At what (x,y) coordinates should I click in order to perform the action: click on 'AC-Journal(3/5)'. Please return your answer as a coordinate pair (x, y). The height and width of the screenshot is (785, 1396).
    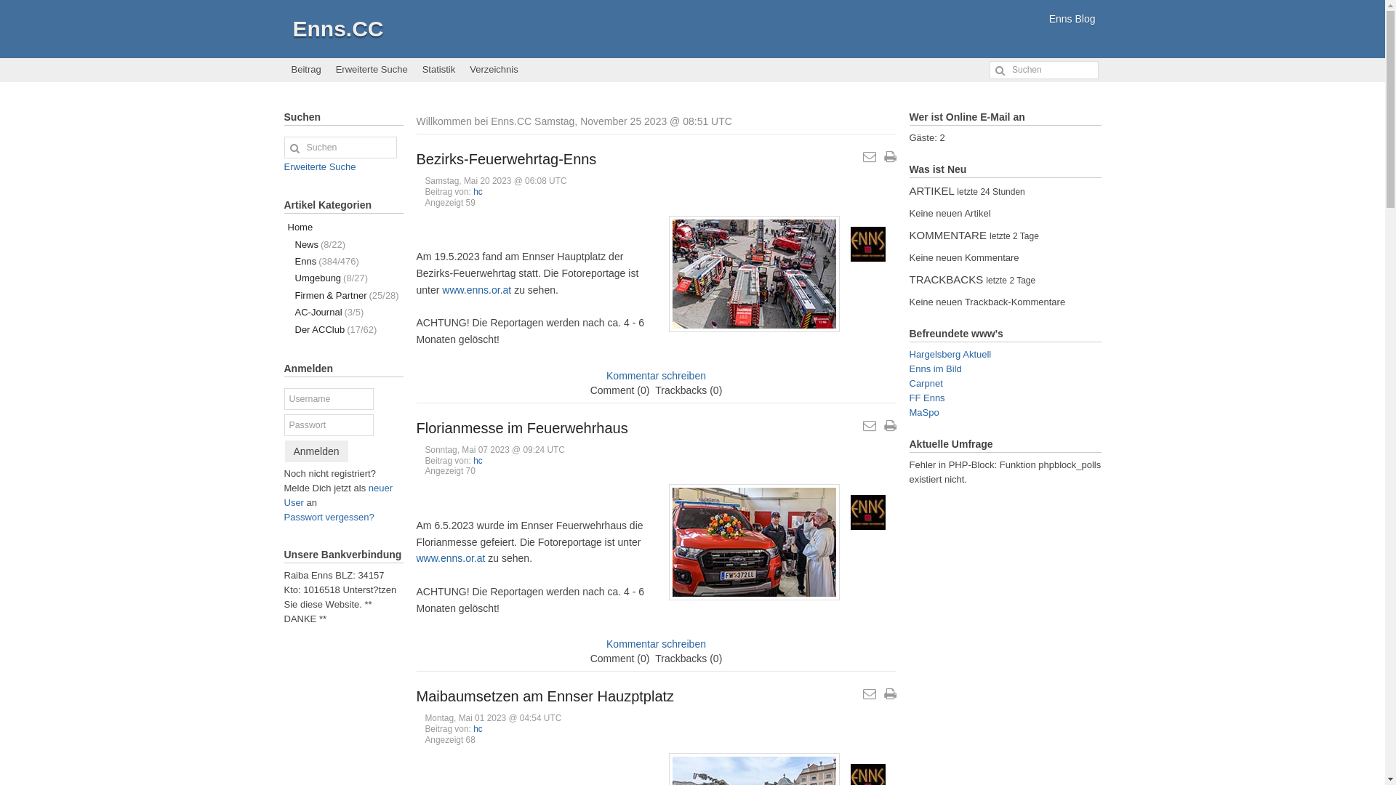
    Looking at the image, I should click on (342, 311).